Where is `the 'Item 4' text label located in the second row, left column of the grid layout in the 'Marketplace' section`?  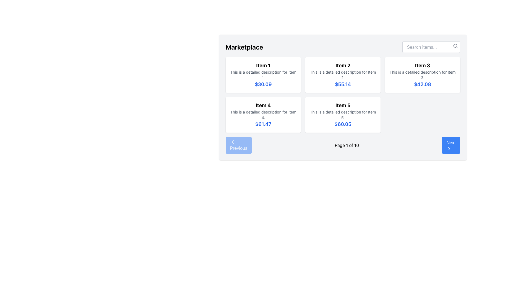
the 'Item 4' text label located in the second row, left column of the grid layout in the 'Marketplace' section is located at coordinates (263, 105).